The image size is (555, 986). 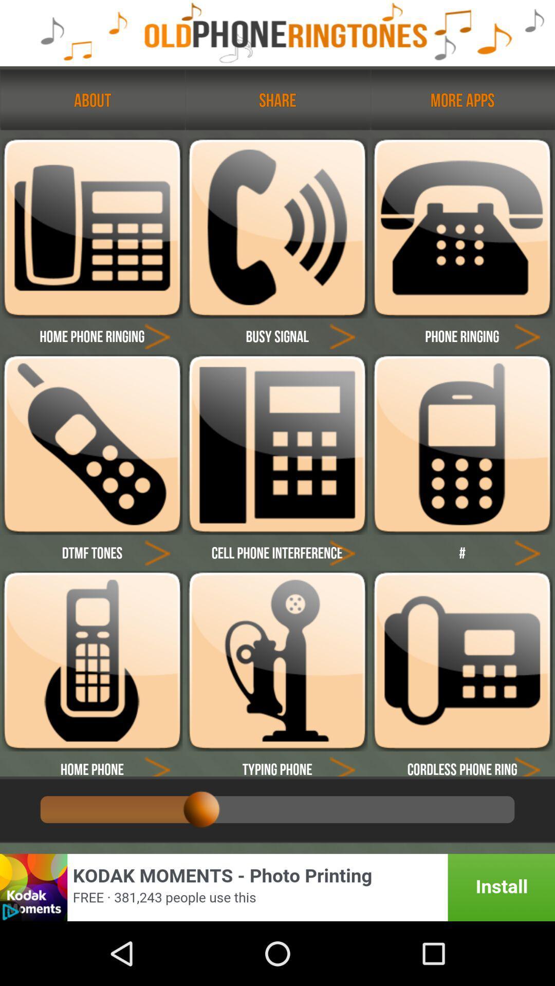 I want to click on call, so click(x=461, y=444).